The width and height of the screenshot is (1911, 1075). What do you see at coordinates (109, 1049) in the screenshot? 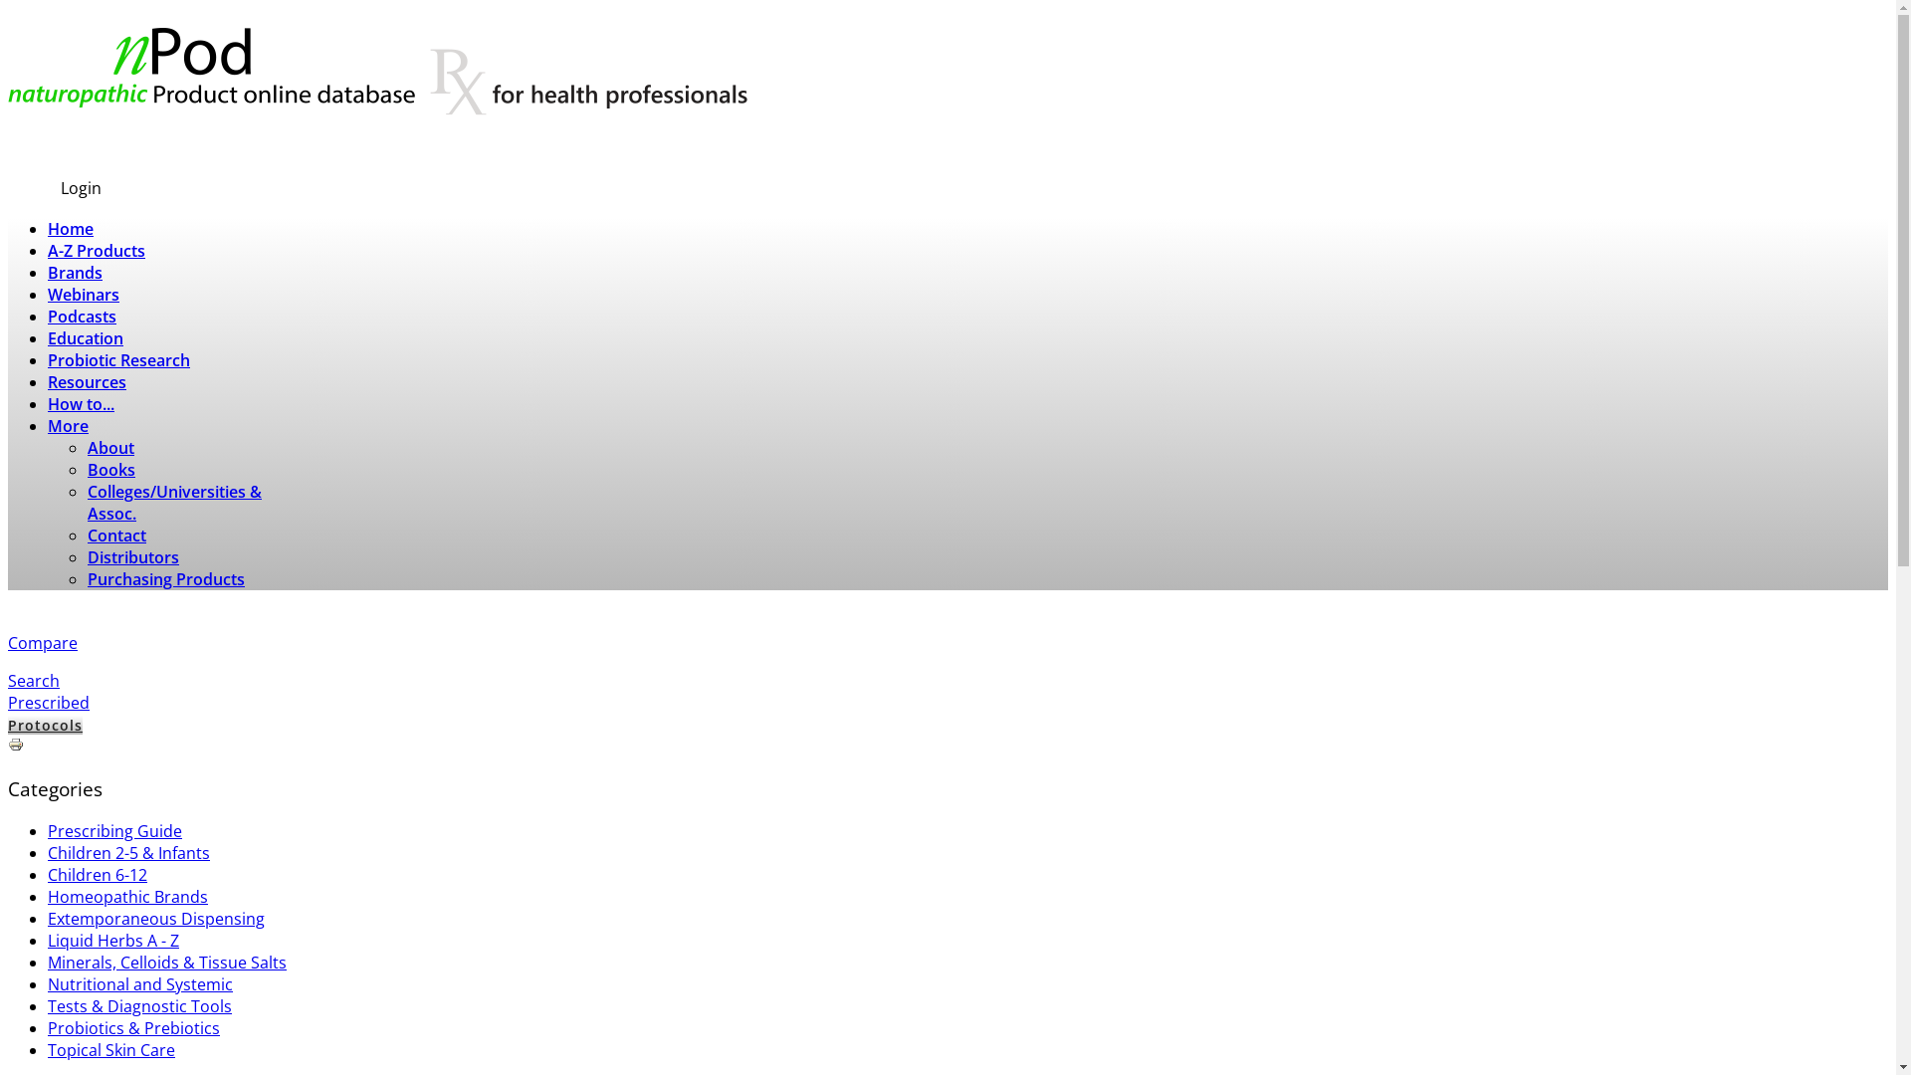
I see `'Topical Skin Care'` at bounding box center [109, 1049].